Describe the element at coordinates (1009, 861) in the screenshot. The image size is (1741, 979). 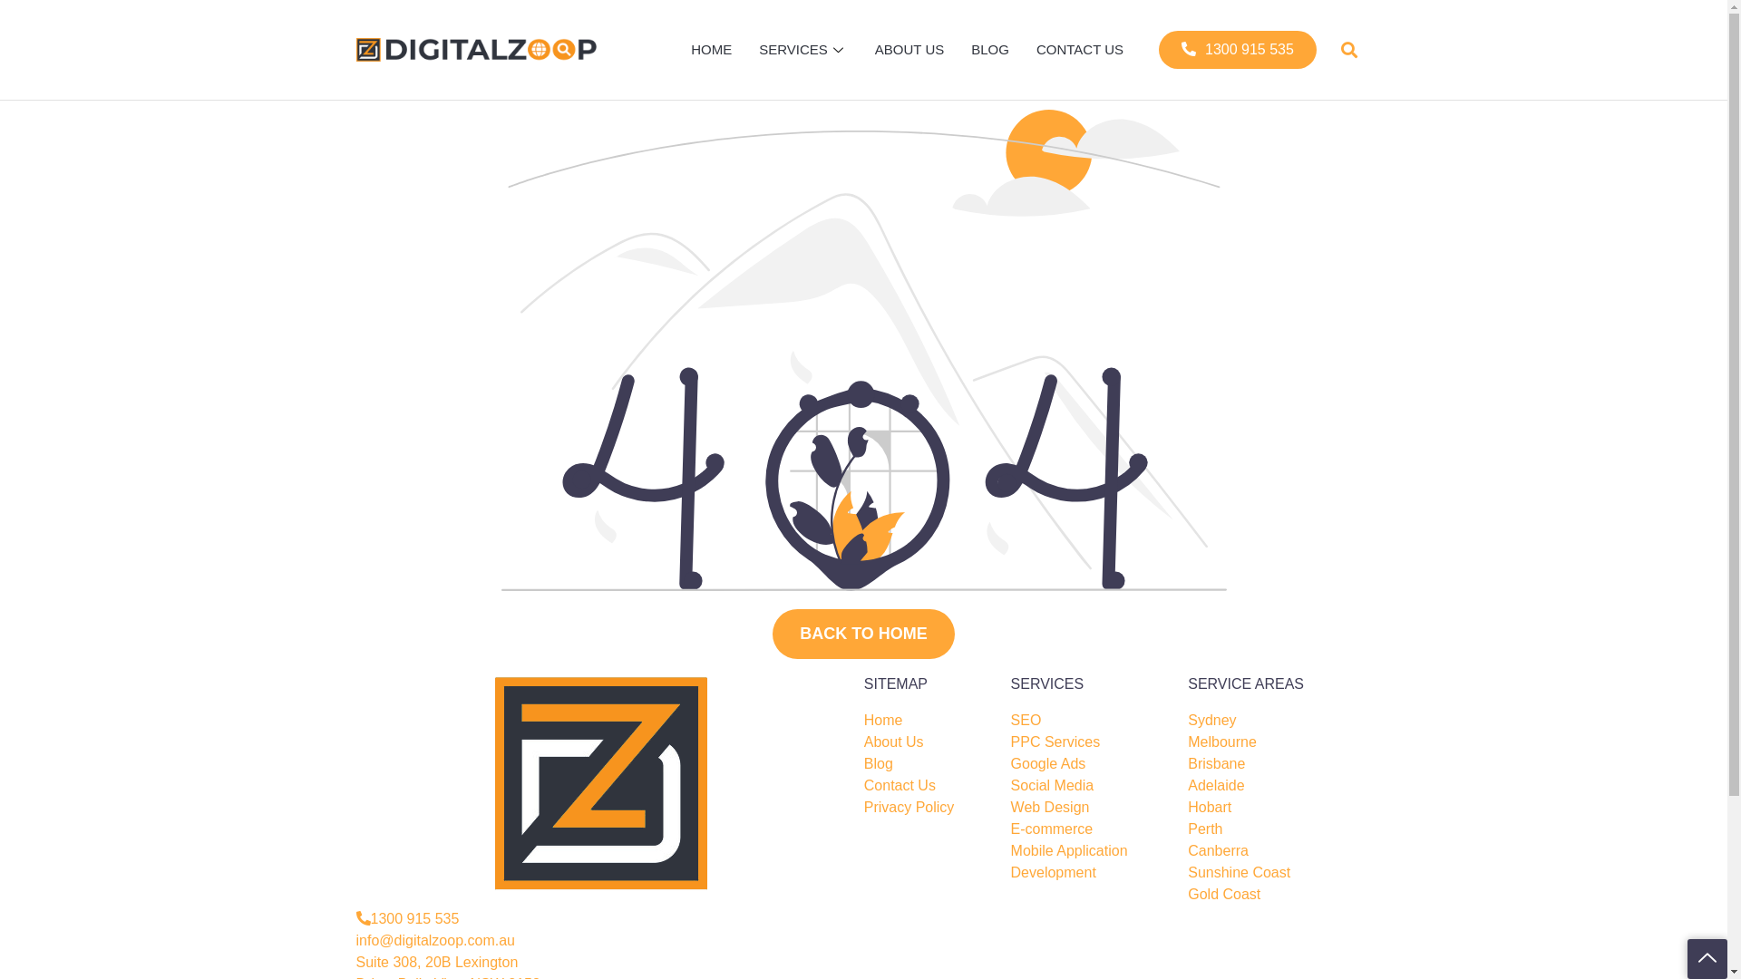
I see `'Mobile Application` at that location.